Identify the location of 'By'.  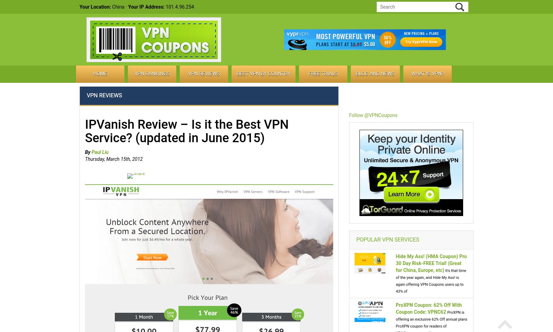
(85, 152).